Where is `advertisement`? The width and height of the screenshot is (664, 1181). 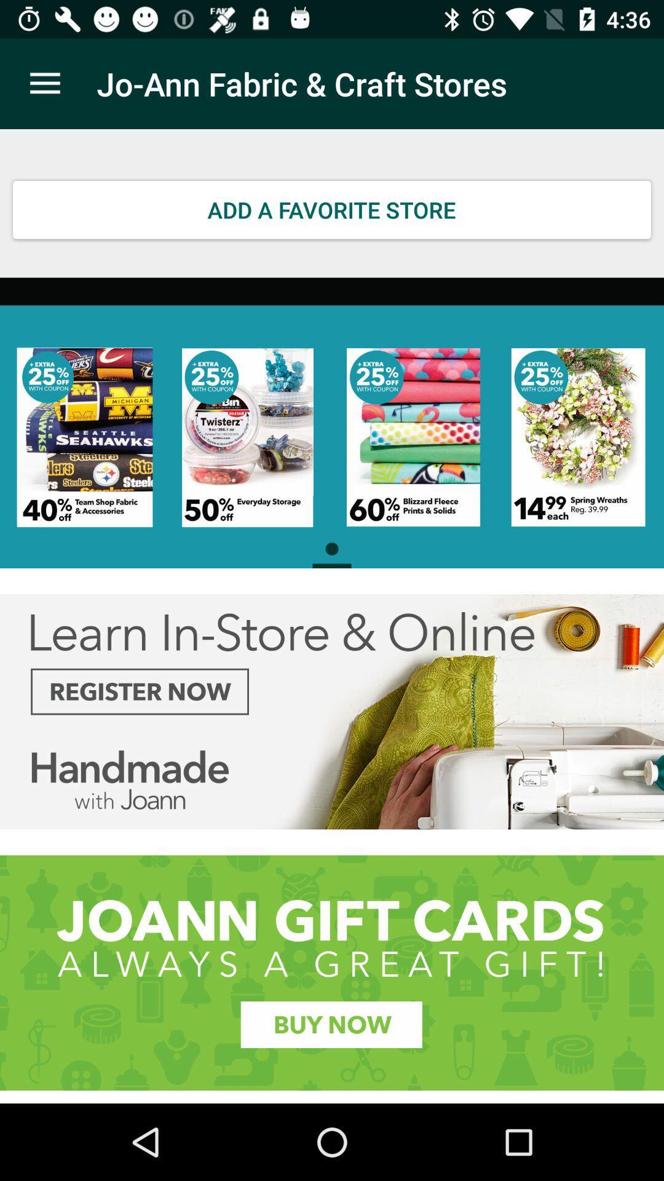 advertisement is located at coordinates (332, 712).